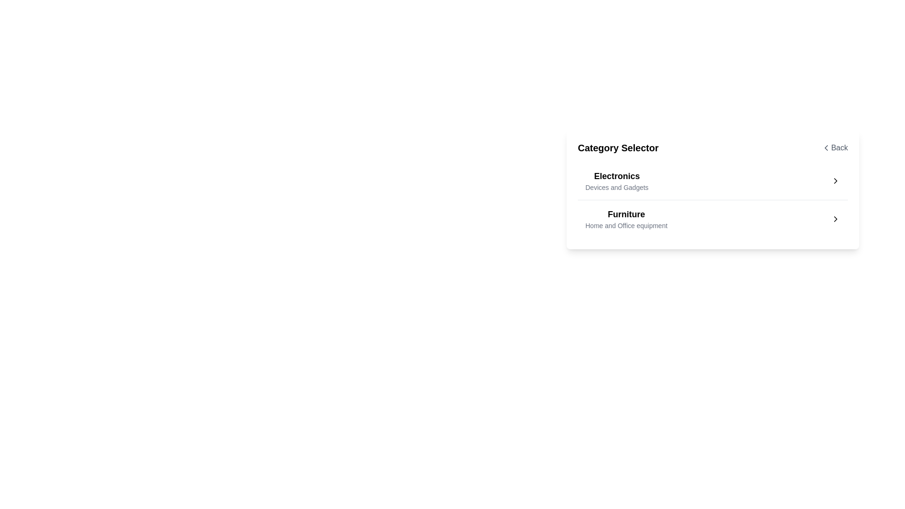 Image resolution: width=905 pixels, height=509 pixels. I want to click on the second clickable list item labeled 'Furniture', so click(713, 219).